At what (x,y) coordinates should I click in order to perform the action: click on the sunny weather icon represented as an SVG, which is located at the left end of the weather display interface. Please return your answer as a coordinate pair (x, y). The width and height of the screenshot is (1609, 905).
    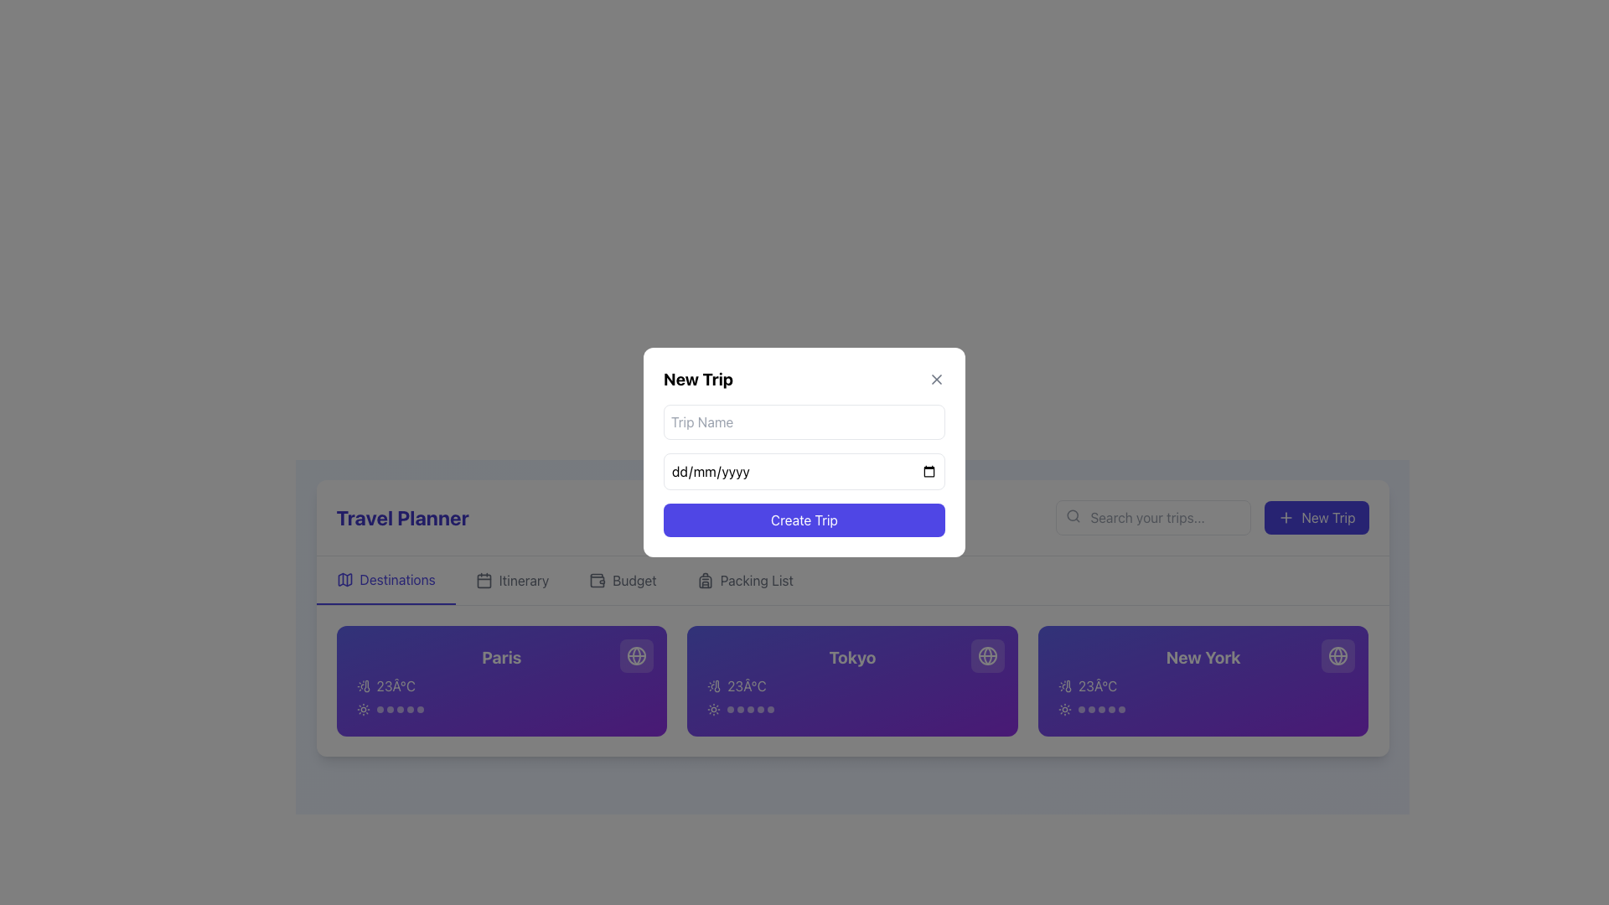
    Looking at the image, I should click on (714, 710).